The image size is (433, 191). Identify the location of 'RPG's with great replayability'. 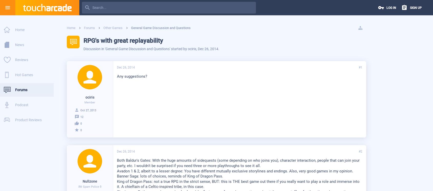
(123, 40).